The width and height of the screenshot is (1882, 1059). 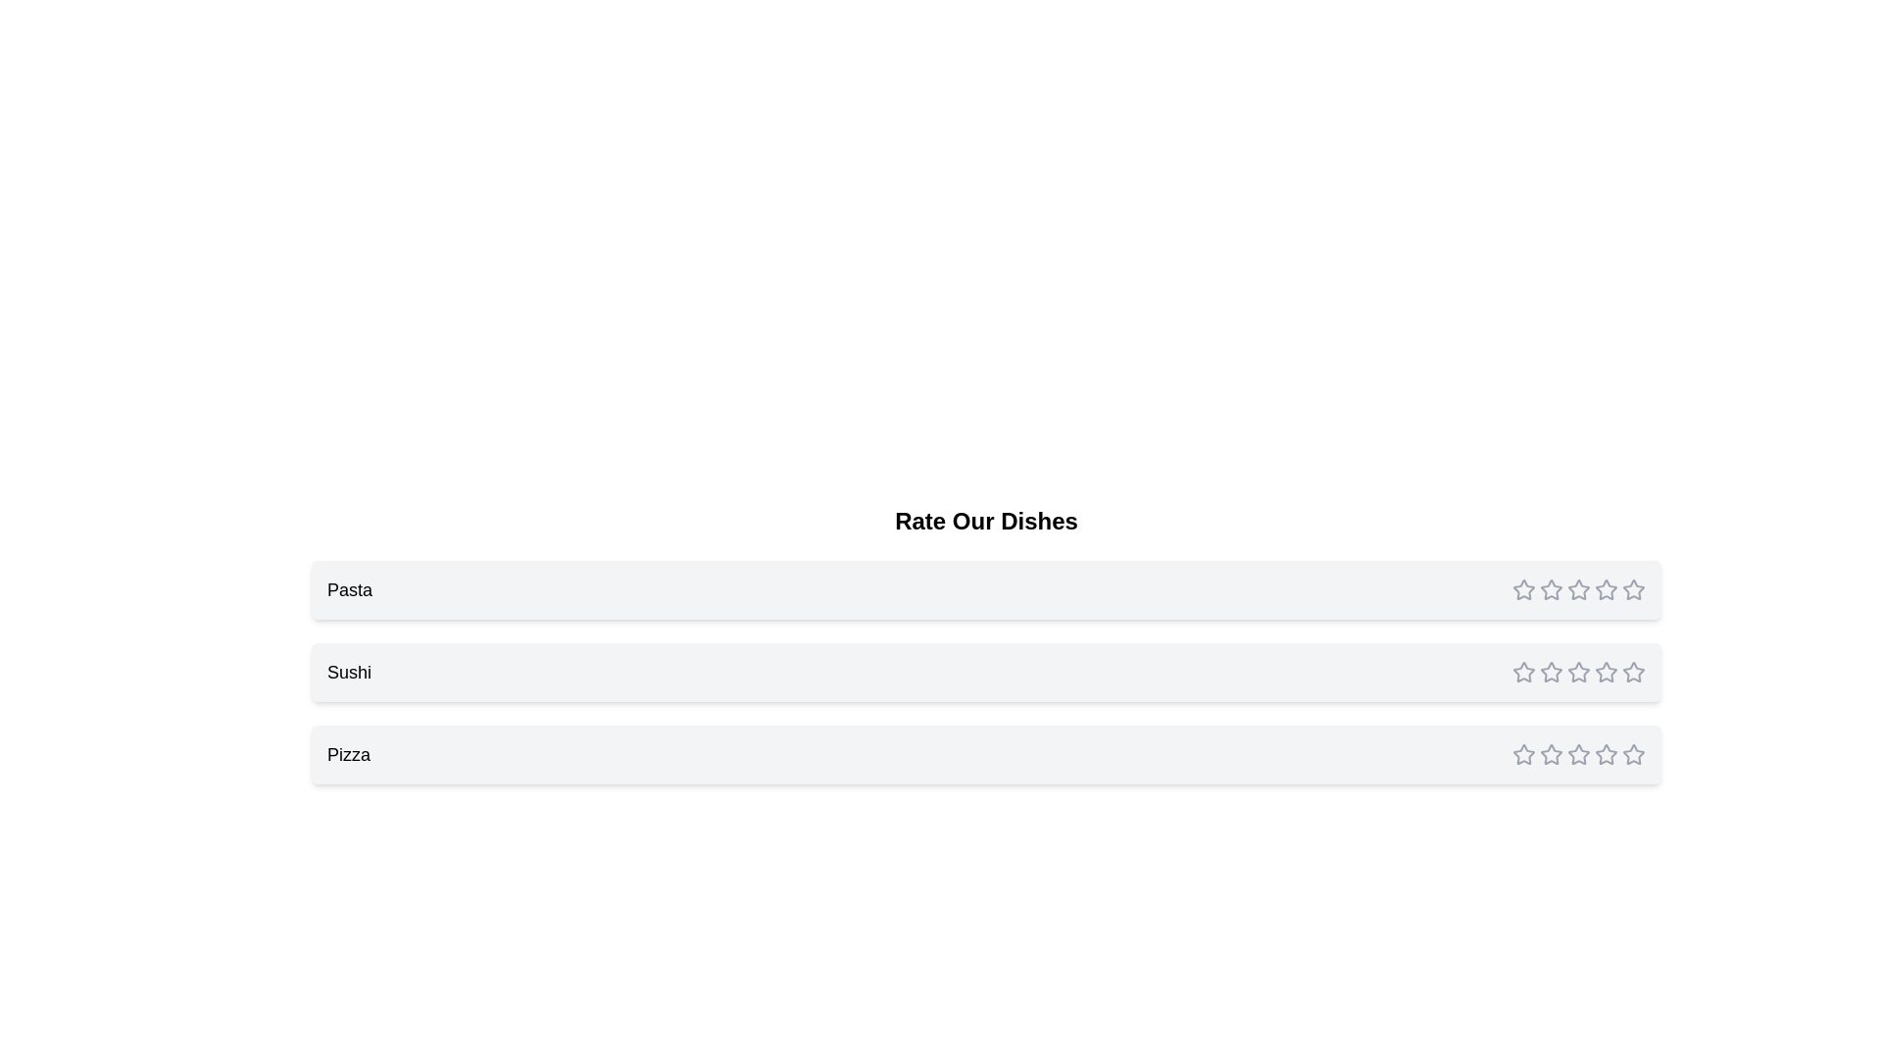 What do you see at coordinates (986, 521) in the screenshot?
I see `the 'Rate Our Dishes' text block, which is styled with a bold and large font and is positioned at the top of the section containing dish options` at bounding box center [986, 521].